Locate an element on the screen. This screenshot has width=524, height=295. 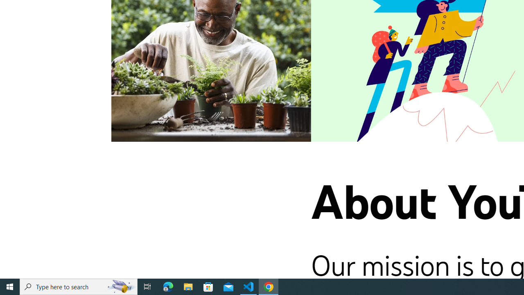
'Start' is located at coordinates (10, 286).